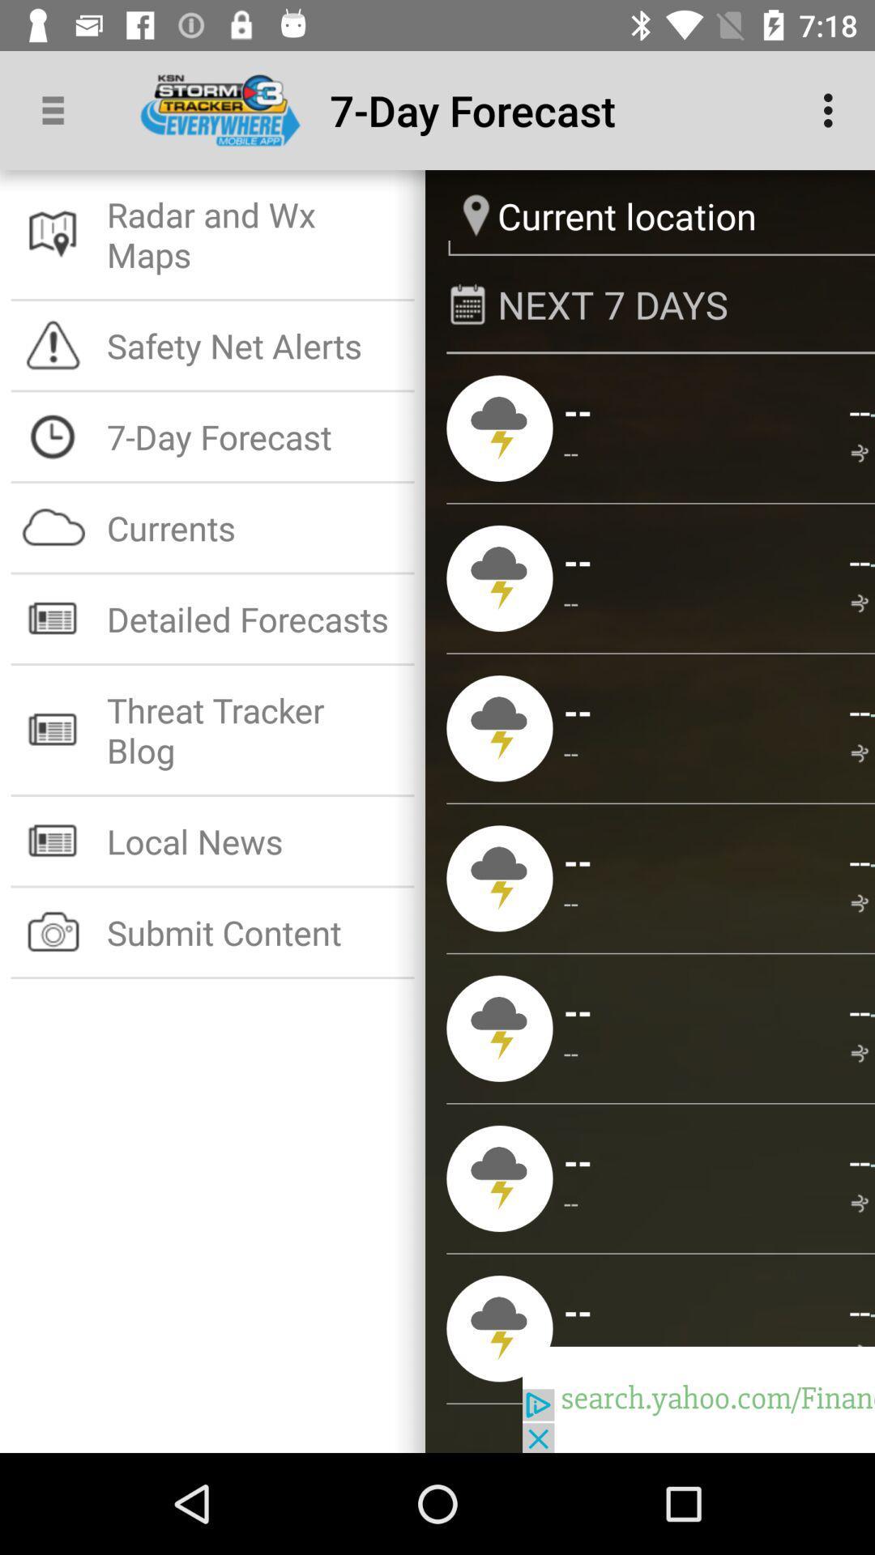  Describe the element at coordinates (861, 603) in the screenshot. I see `the icon to the right of -- icon` at that location.